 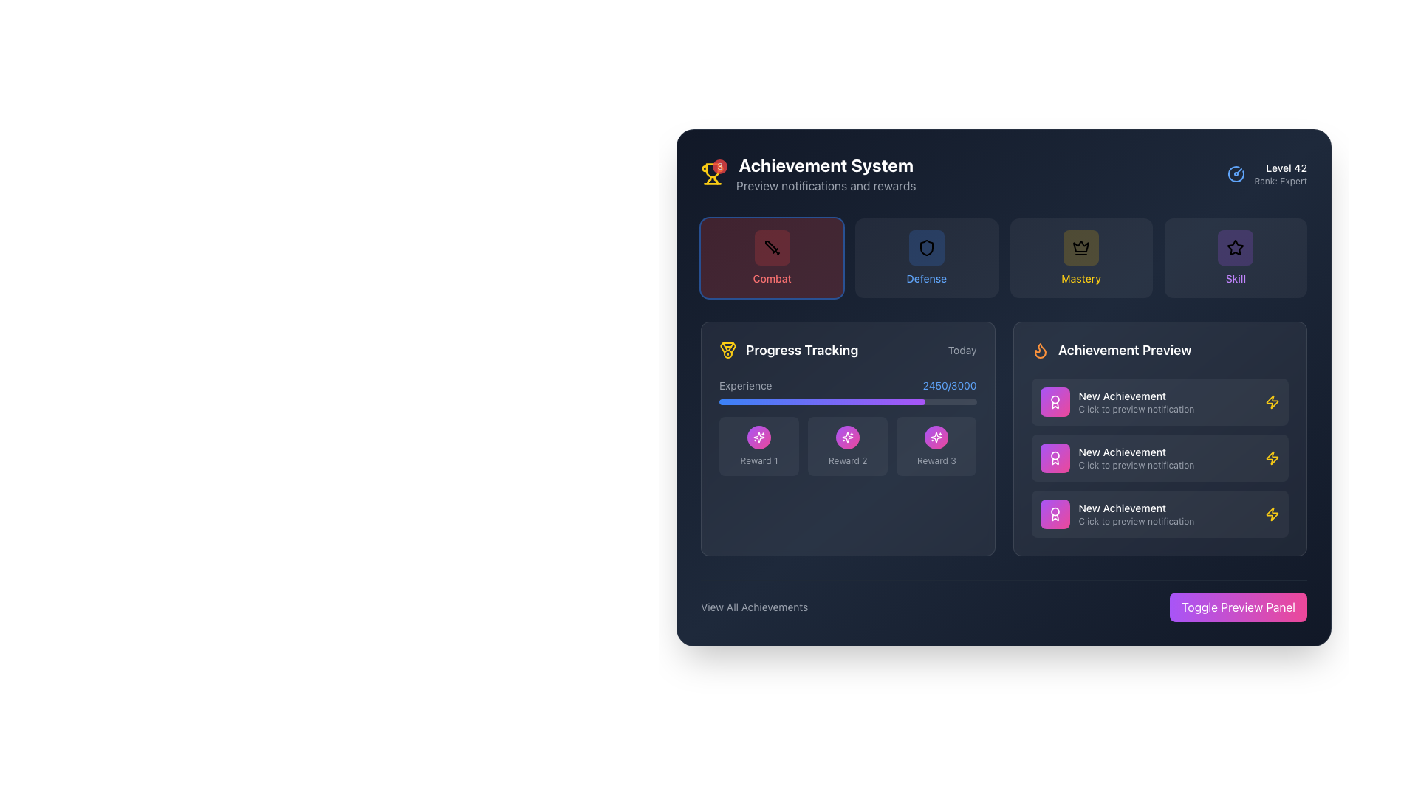 I want to click on the Decorative Icon within the 'Reward 2' button in the 'Progress Tracking' section, which indicates an achievement or reward, so click(x=848, y=437).